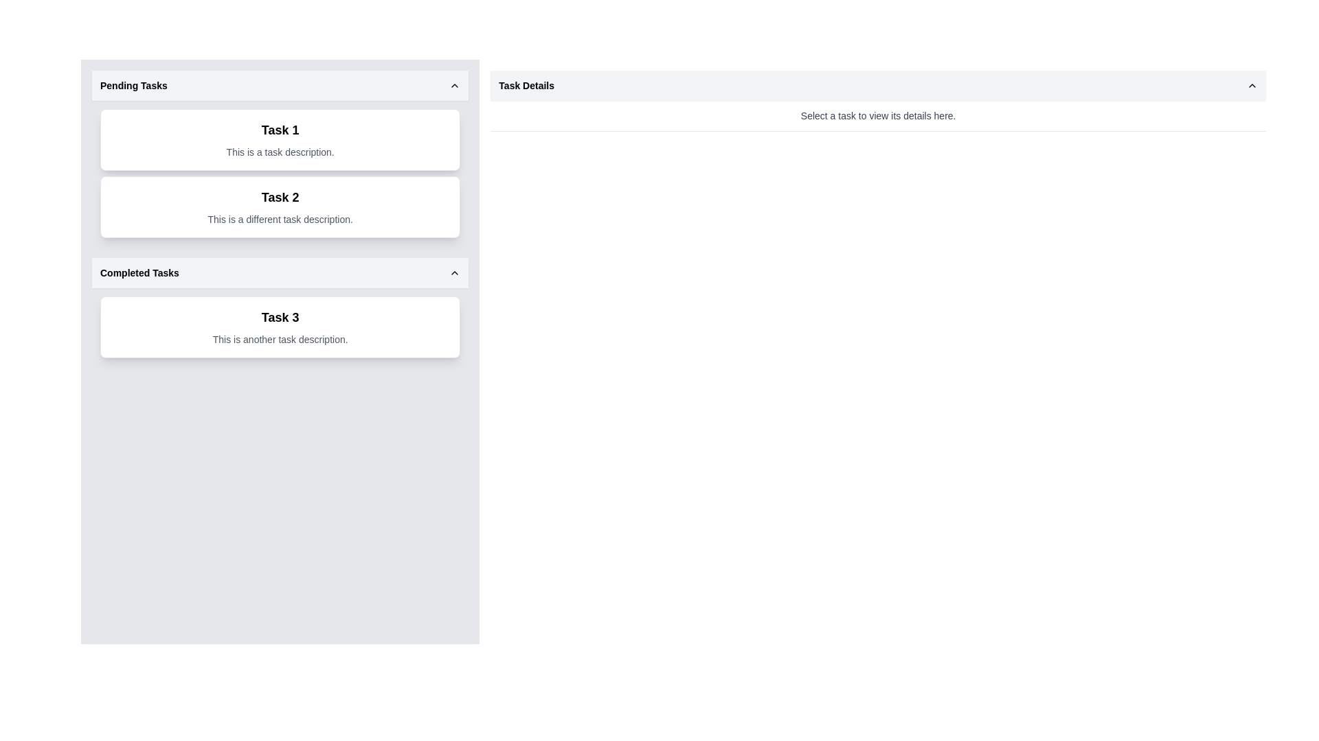  I want to click on the upward-pointing chevron icon with a thin black outline located at the right end of the 'Pending Tasks' header, so click(455, 85).